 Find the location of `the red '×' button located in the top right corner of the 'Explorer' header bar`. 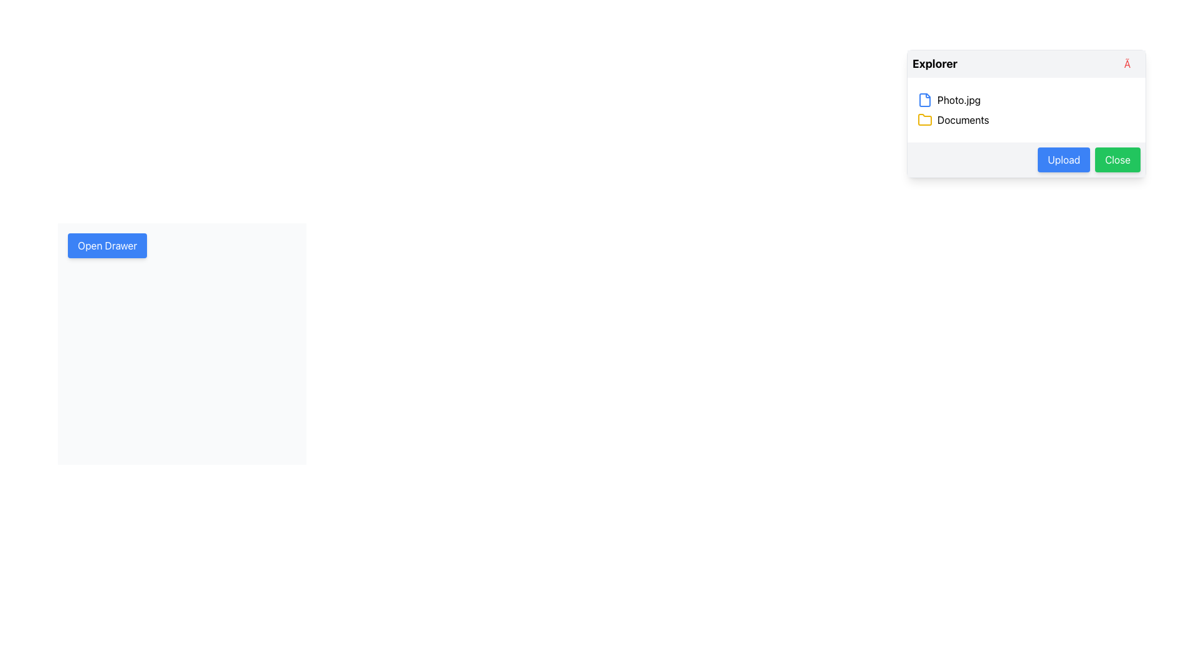

the red '×' button located in the top right corner of the 'Explorer' header bar is located at coordinates (1132, 64).